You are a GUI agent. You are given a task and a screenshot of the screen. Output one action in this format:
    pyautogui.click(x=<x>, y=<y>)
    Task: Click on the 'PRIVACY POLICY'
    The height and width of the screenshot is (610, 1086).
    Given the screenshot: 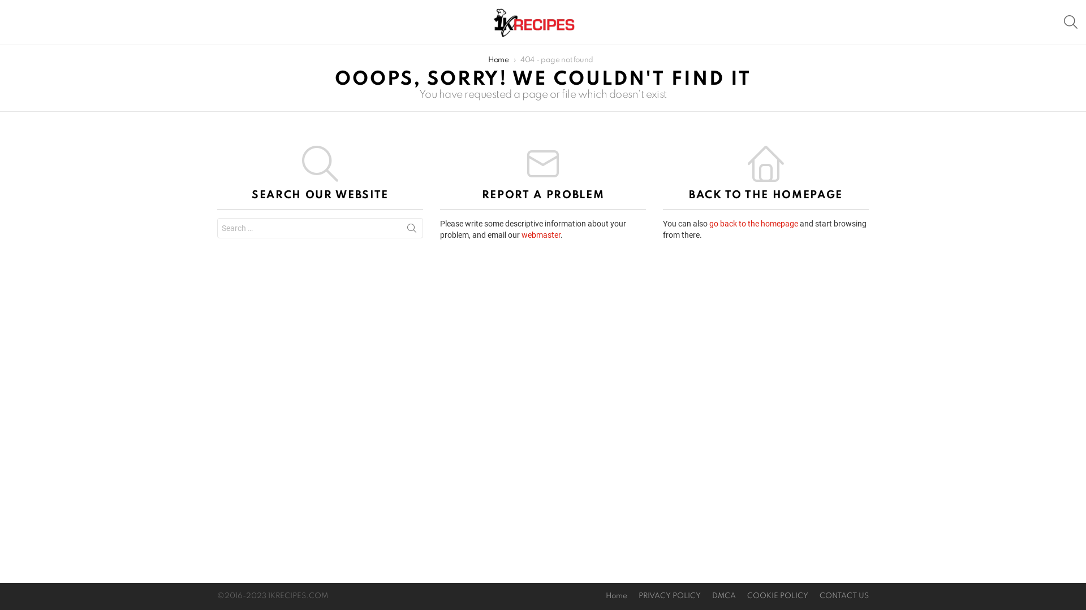 What is the action you would take?
    pyautogui.click(x=632, y=595)
    